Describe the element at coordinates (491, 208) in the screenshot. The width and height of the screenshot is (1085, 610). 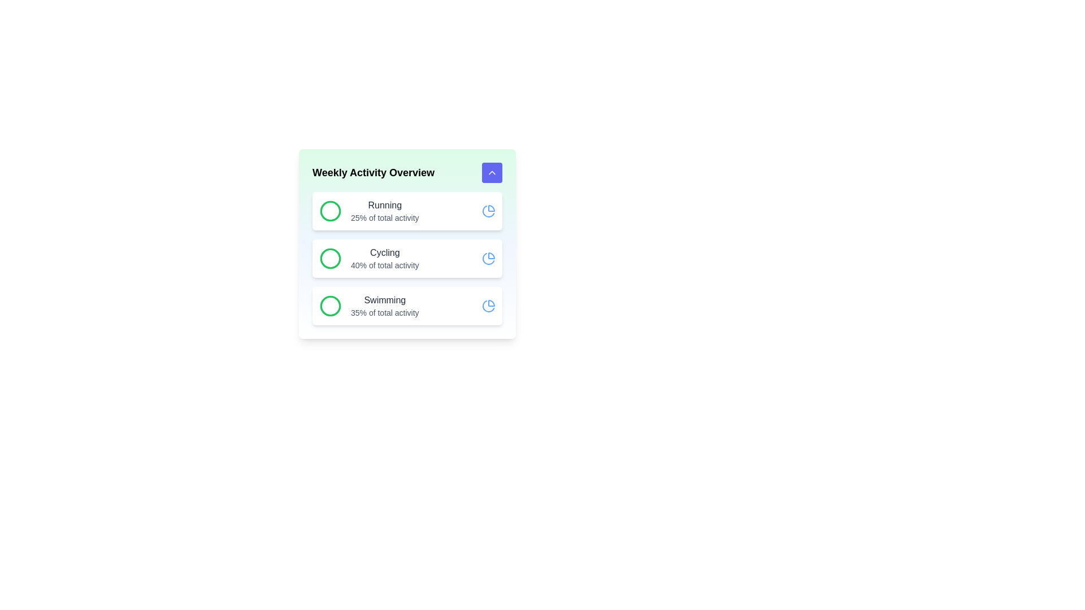
I see `the upper-right section of the pie chart icon that visually represents data related to activity percentages, located to the right of the 'Weekly Activity Overview' heading` at that location.